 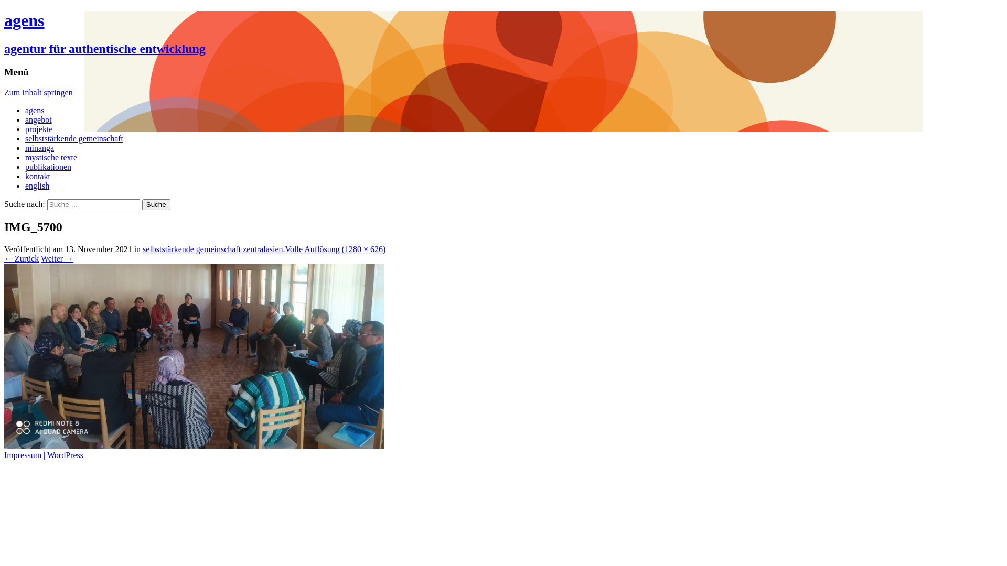 I want to click on 'IMG_5700', so click(x=194, y=445).